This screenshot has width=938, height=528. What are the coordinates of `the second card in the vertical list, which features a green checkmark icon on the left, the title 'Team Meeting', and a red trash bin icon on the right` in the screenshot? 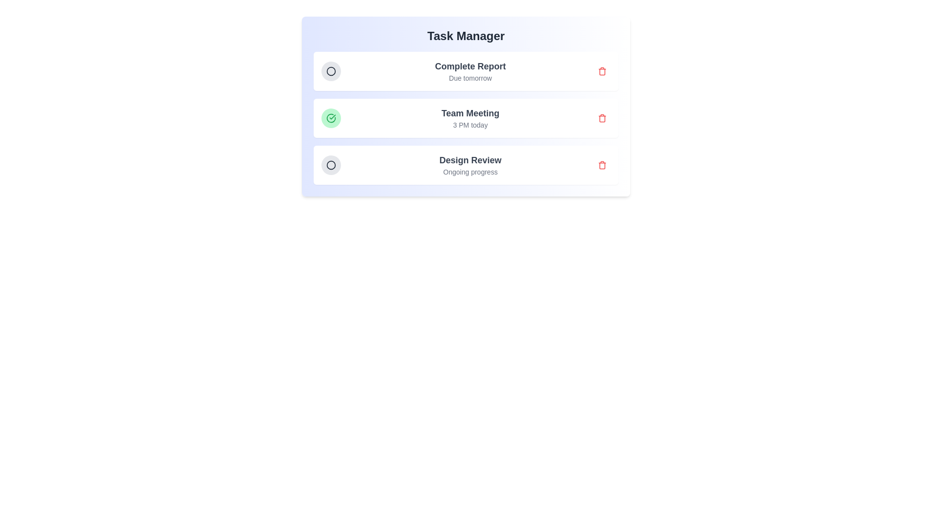 It's located at (466, 118).